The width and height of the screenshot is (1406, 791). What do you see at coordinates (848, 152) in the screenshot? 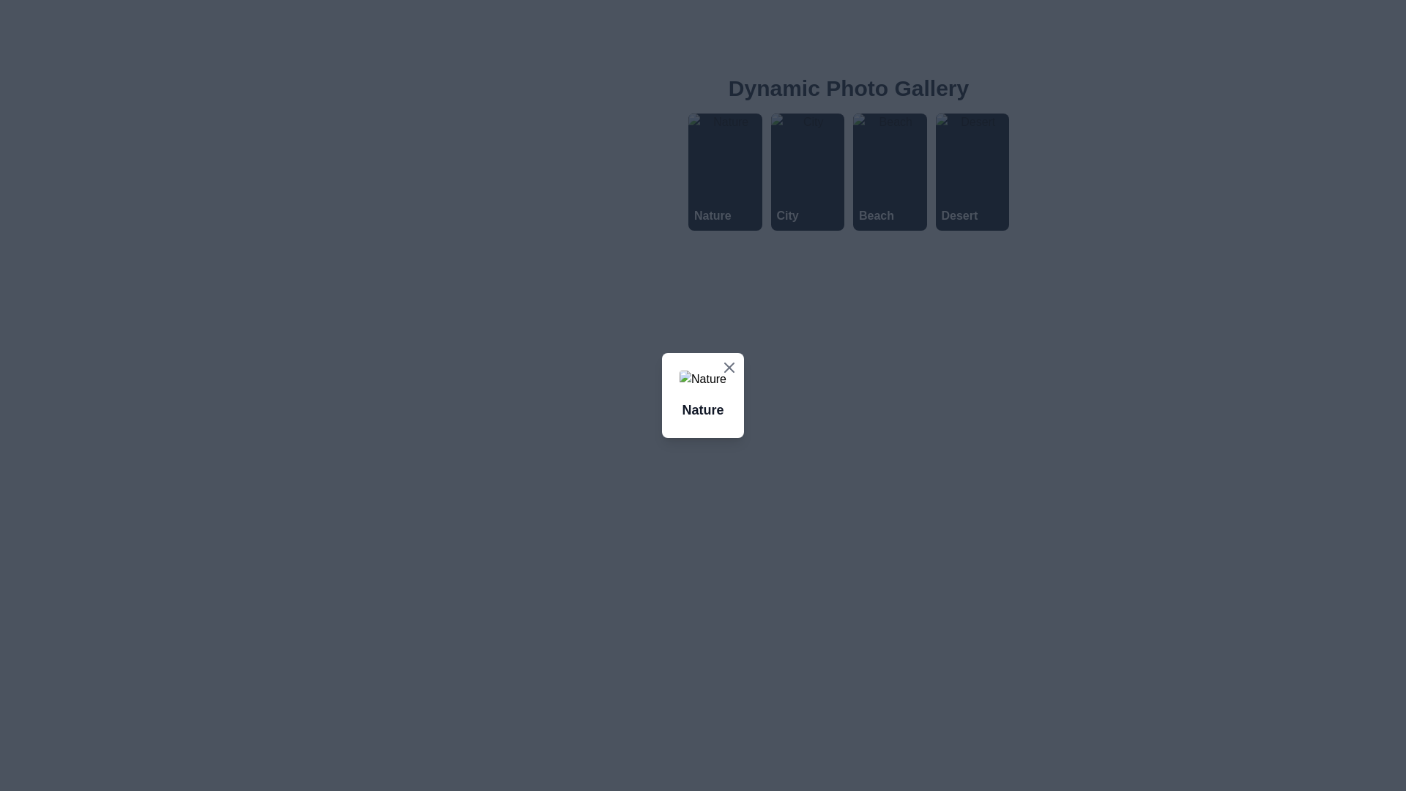
I see `the 'Beach' image placeholder` at bounding box center [848, 152].